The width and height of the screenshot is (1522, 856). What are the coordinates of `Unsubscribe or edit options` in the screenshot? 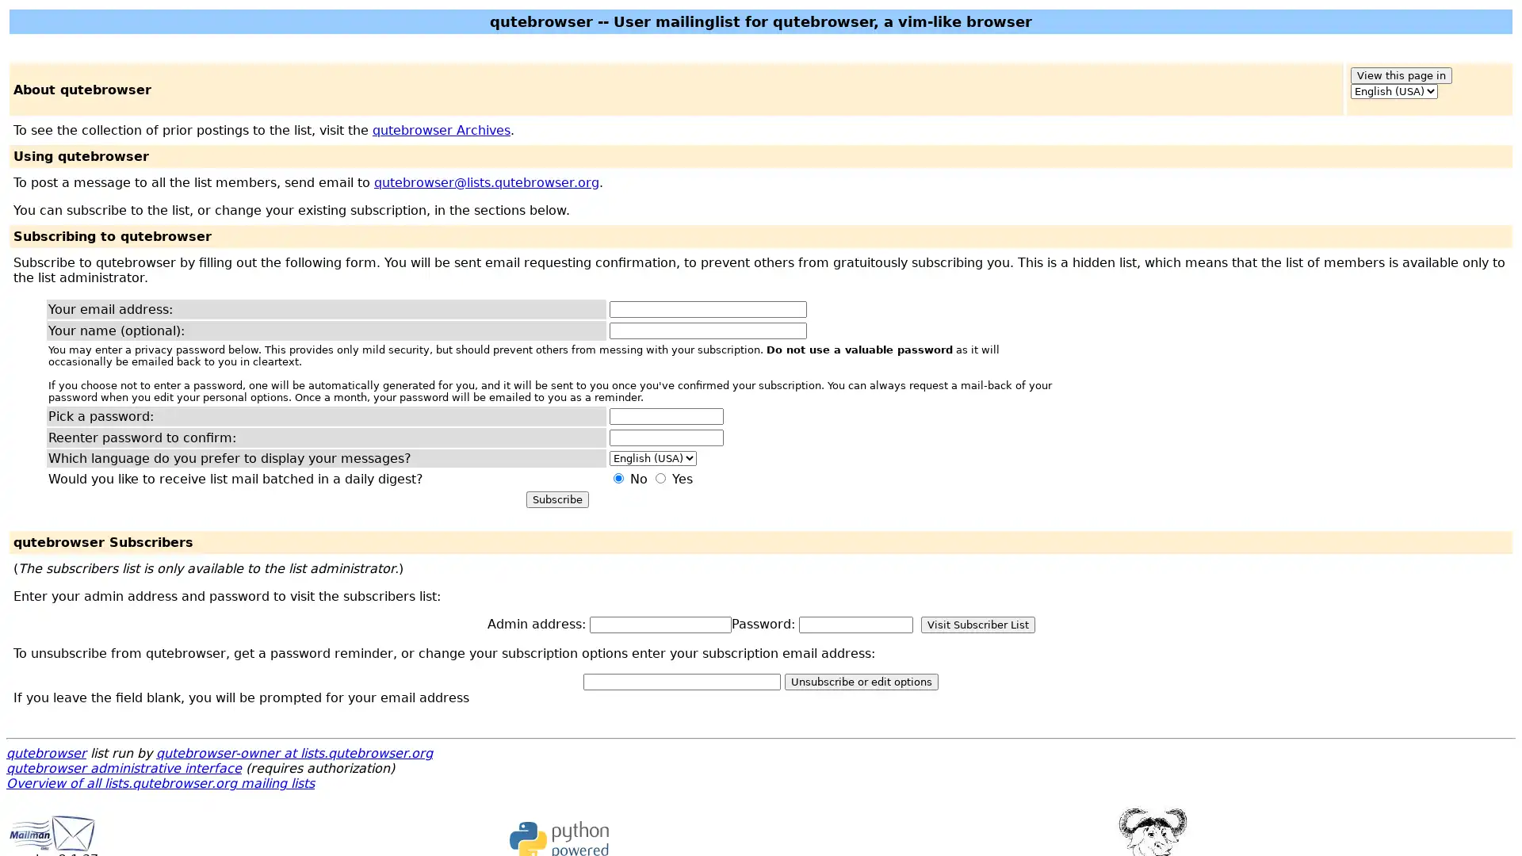 It's located at (860, 681).